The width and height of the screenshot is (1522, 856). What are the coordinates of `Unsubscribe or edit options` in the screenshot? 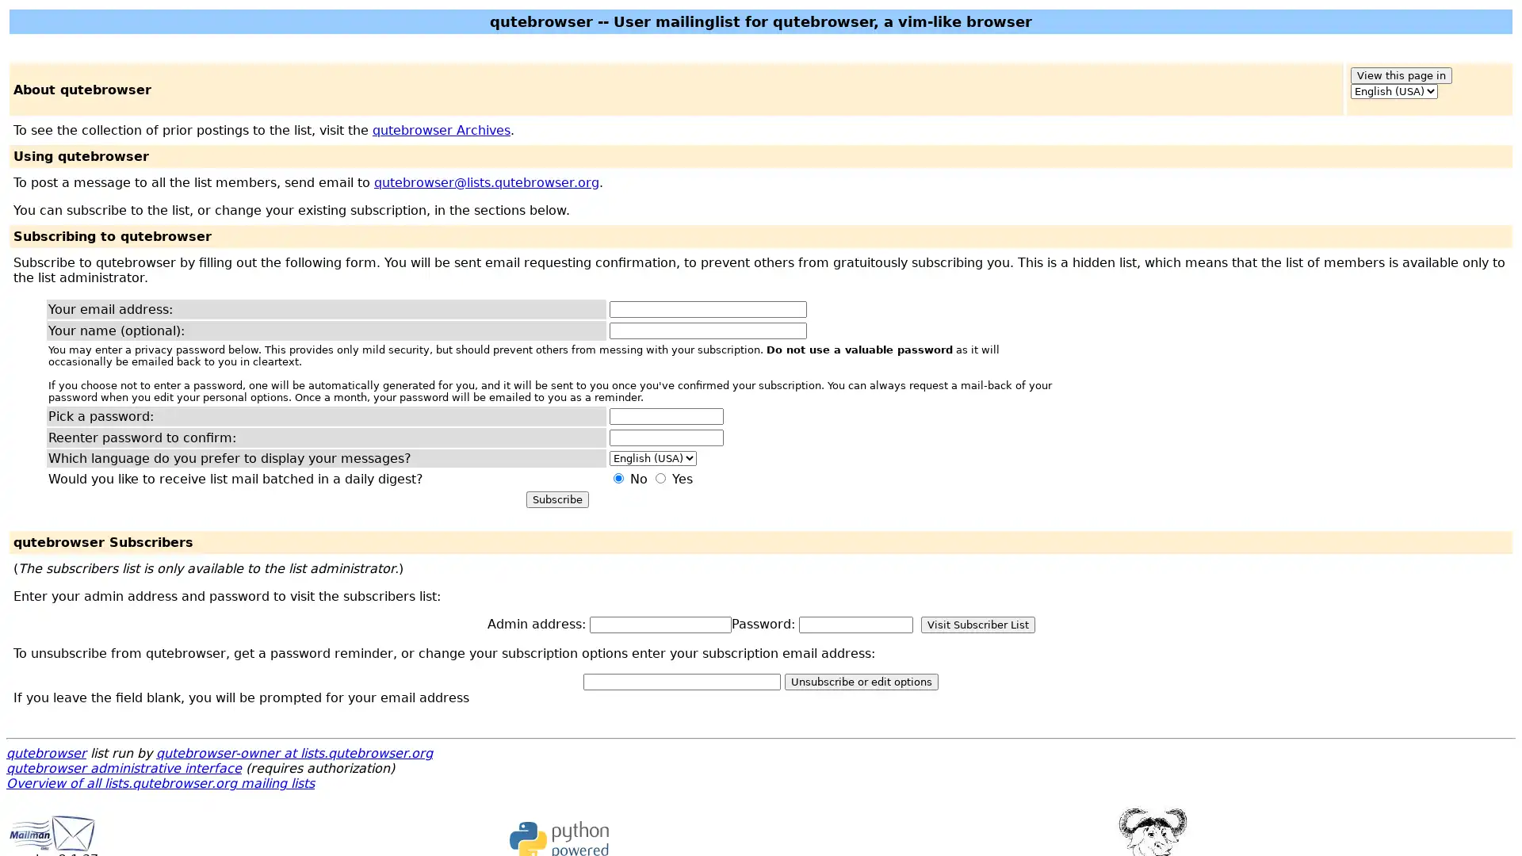 It's located at (860, 681).